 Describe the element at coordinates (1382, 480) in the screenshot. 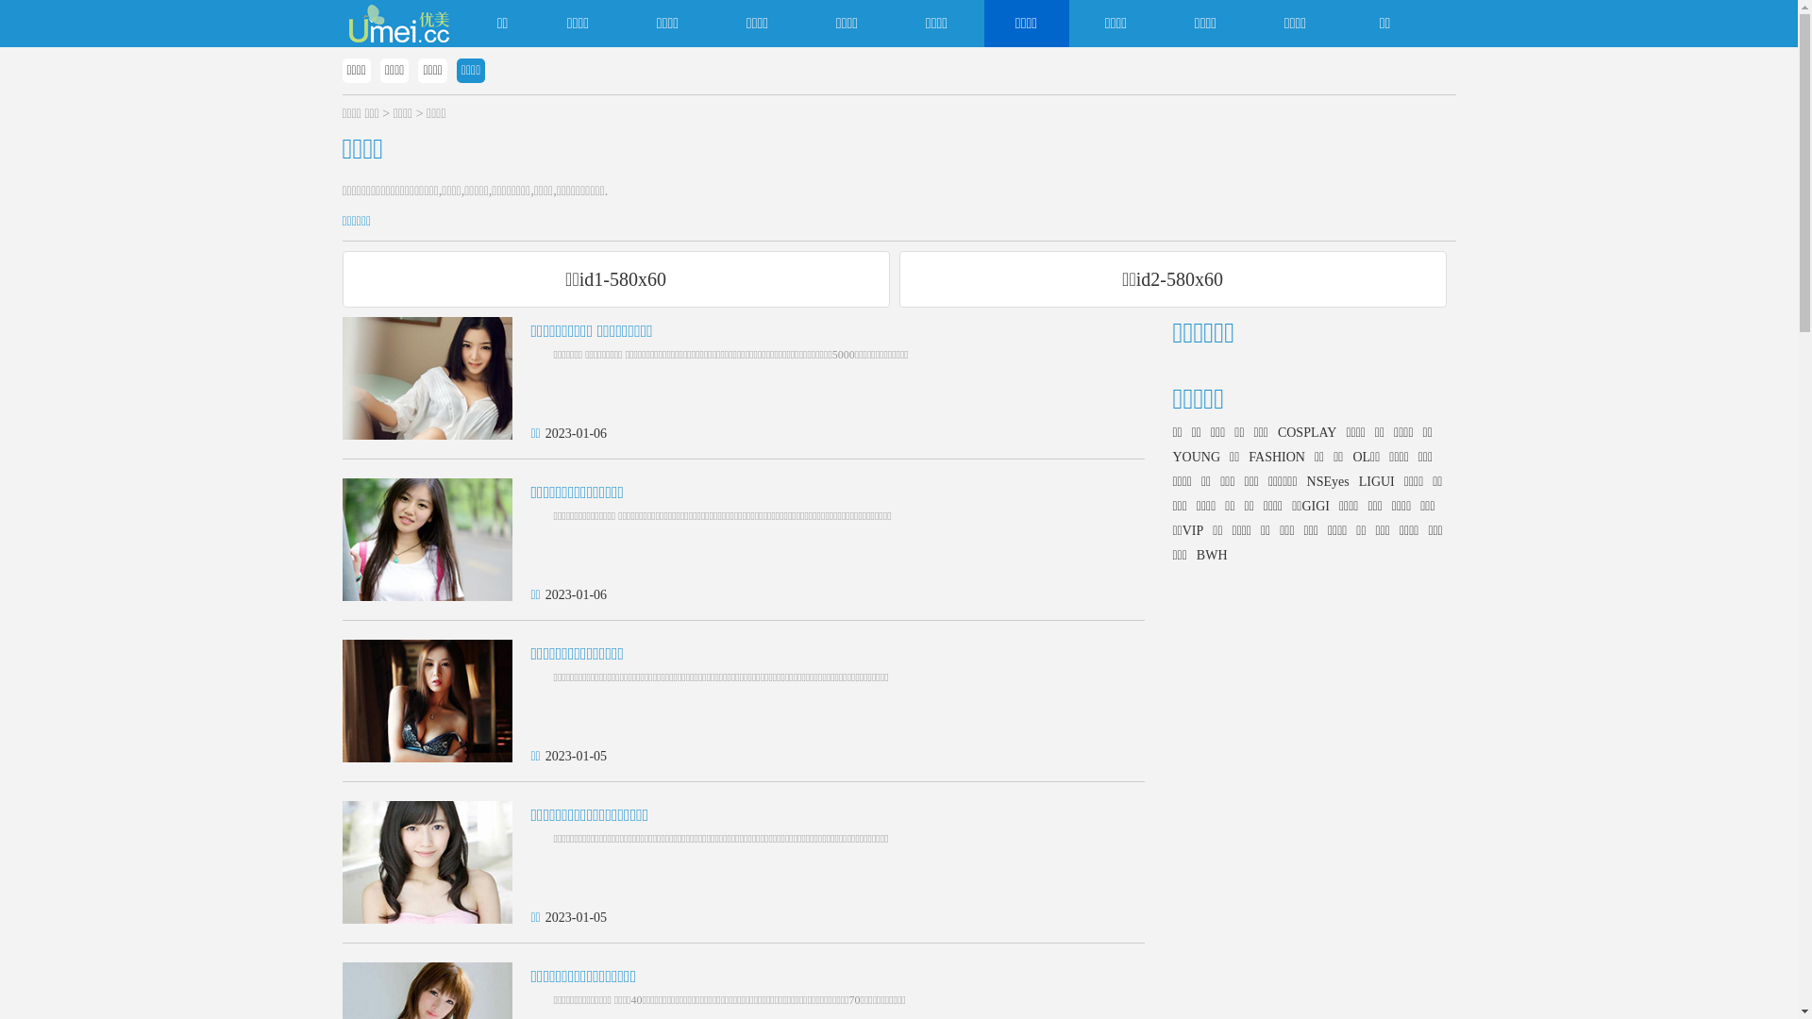

I see `'LIGUI'` at that location.